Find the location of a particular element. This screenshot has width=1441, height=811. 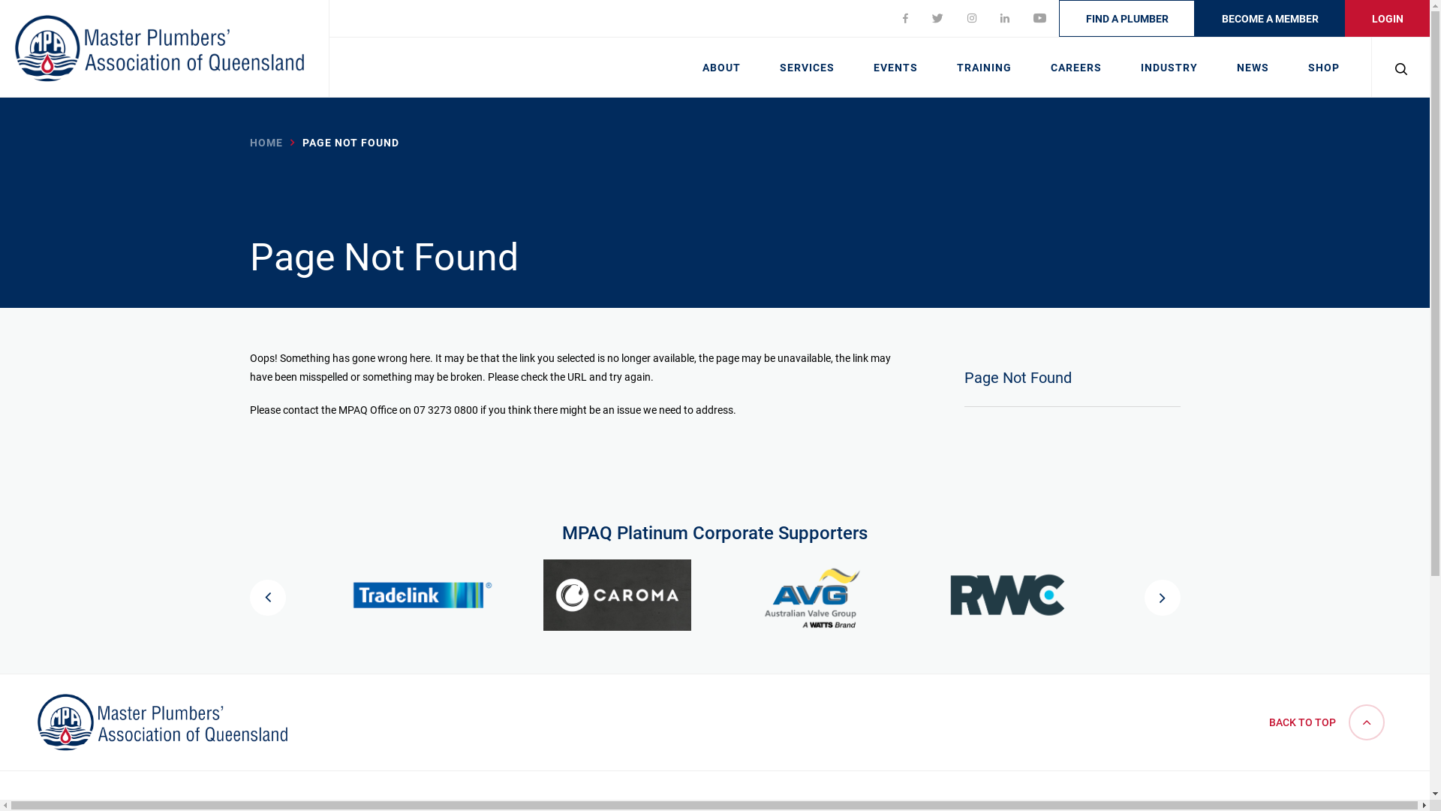

'SERVICES' is located at coordinates (806, 65).